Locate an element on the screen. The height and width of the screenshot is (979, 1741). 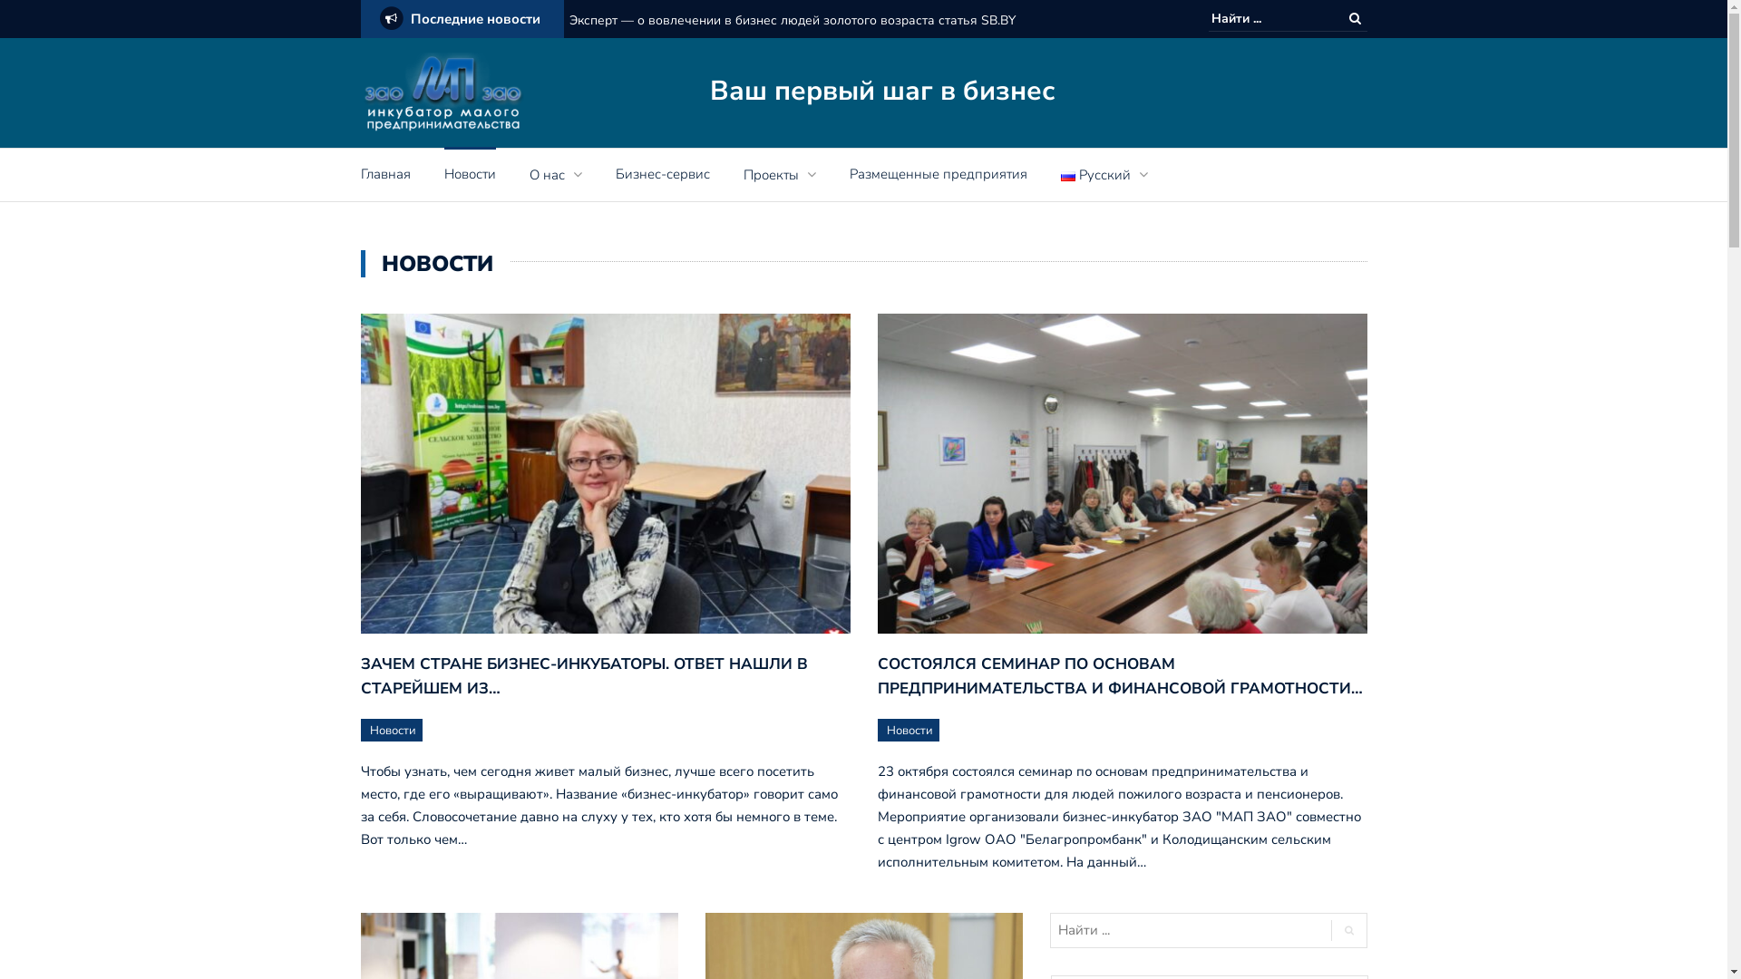
'Search  ' is located at coordinates (1355, 18).